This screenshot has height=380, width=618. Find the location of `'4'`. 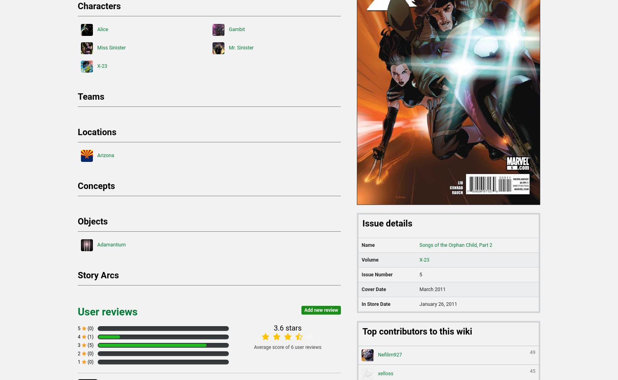

'4' is located at coordinates (79, 337).